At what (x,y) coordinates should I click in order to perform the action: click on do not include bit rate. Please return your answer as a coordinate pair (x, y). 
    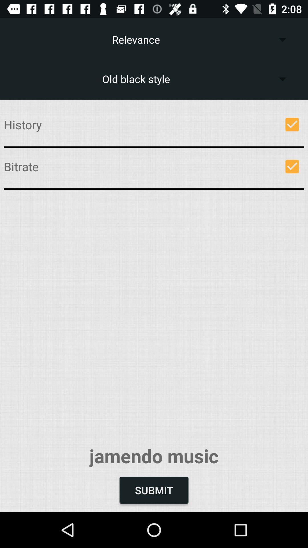
    Looking at the image, I should click on (292, 166).